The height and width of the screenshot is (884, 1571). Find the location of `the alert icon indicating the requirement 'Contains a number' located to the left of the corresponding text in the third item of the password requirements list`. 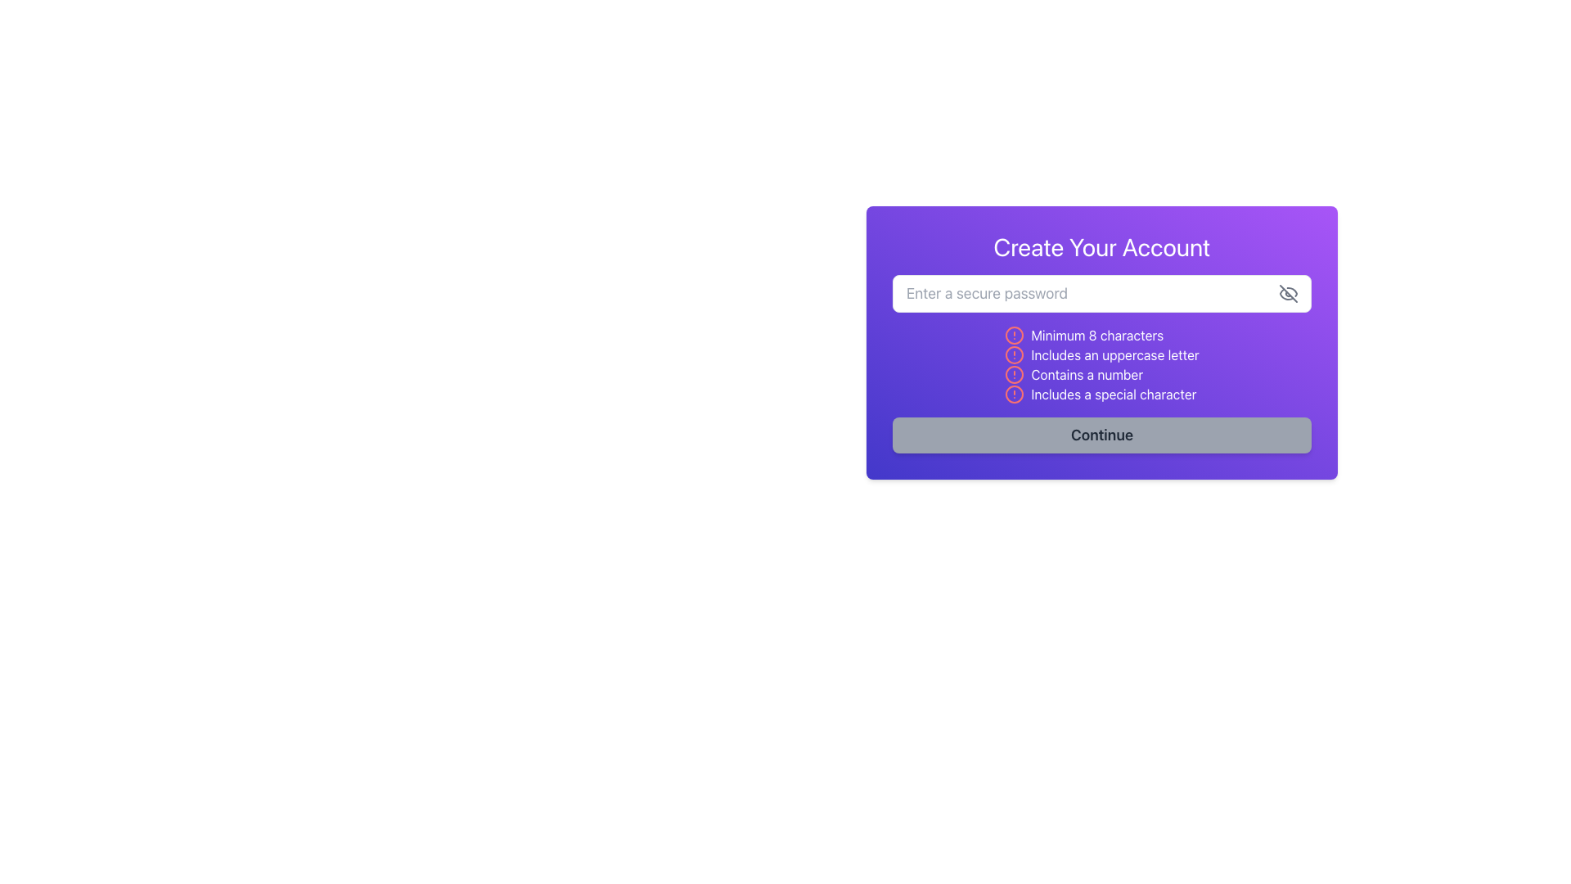

the alert icon indicating the requirement 'Contains a number' located to the left of the corresponding text in the third item of the password requirements list is located at coordinates (1014, 375).